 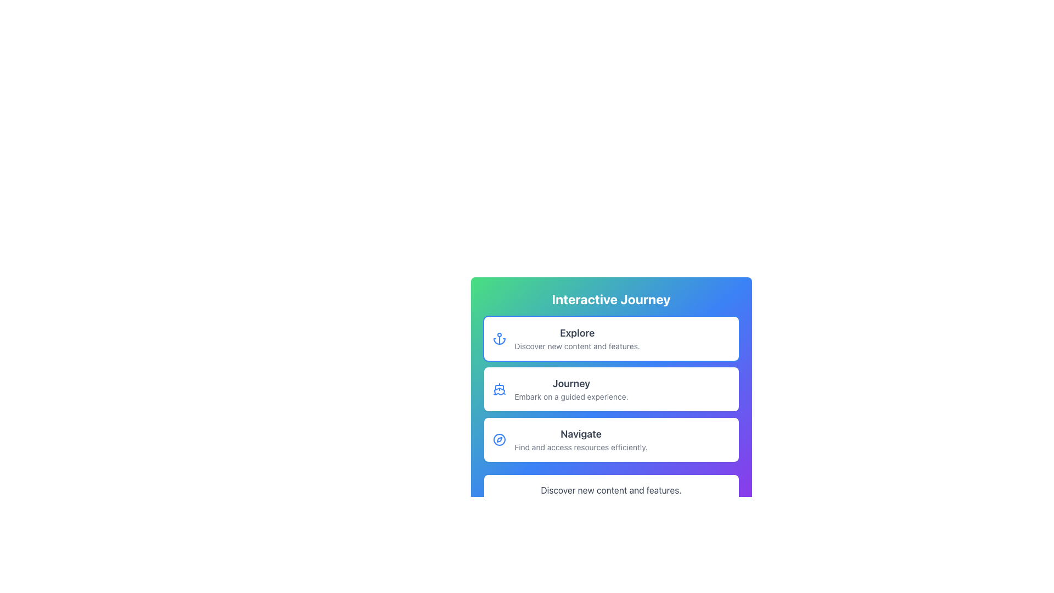 I want to click on text content from the text block that says 'Discover new content and features.' positioned at the bottom of the 'Interactive Journey' section, so click(x=610, y=490).